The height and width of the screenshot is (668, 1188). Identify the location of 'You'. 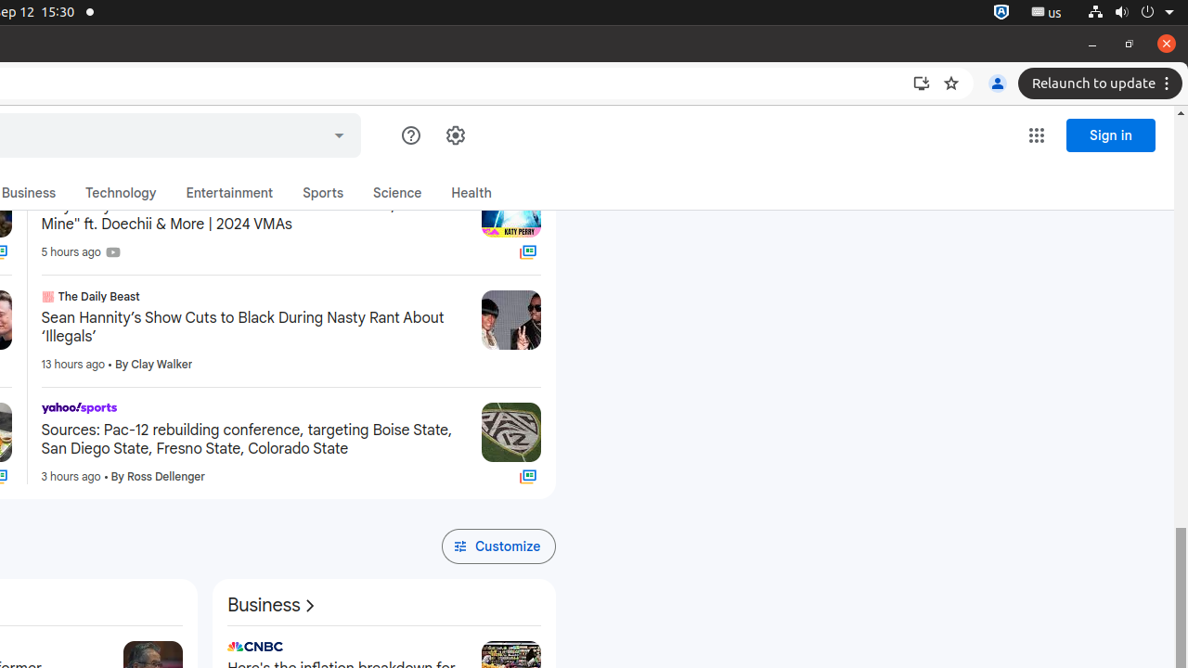
(996, 83).